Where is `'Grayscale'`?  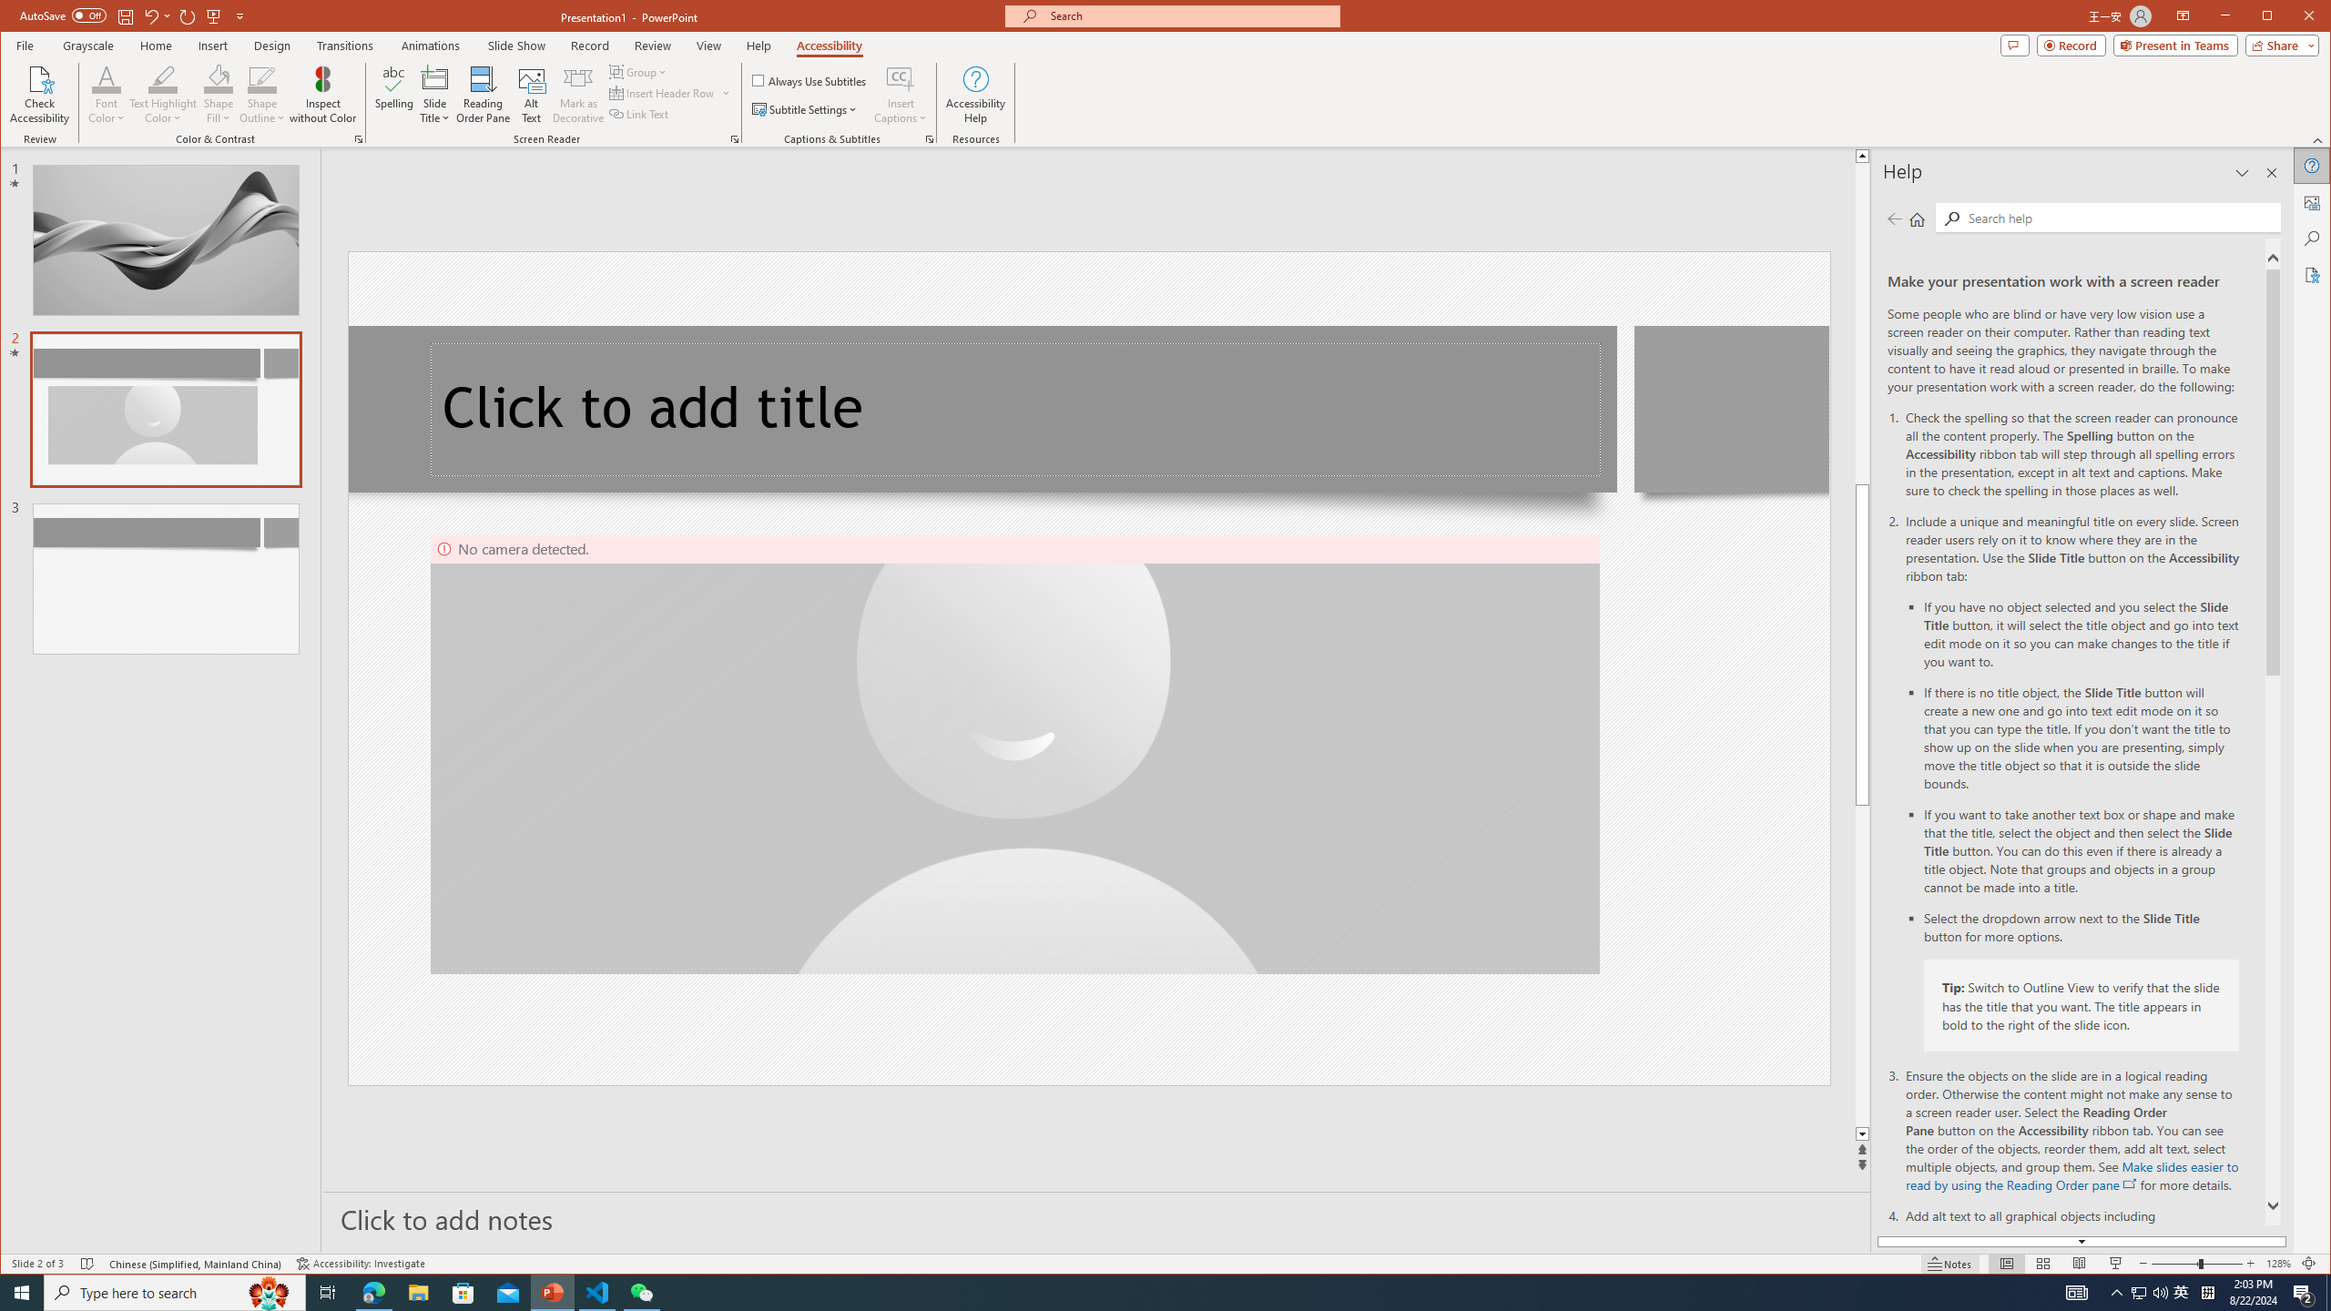 'Grayscale' is located at coordinates (88, 45).